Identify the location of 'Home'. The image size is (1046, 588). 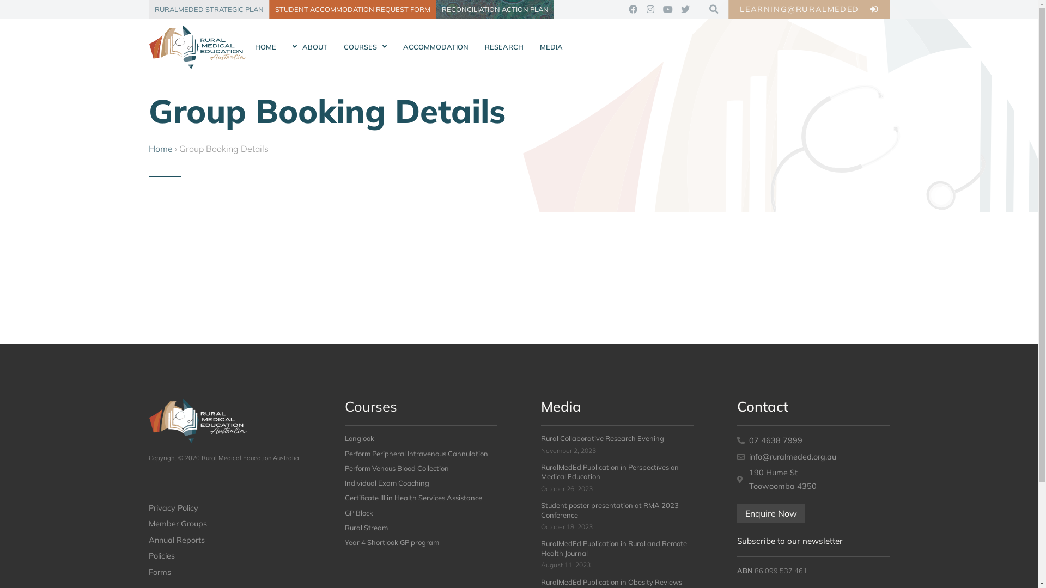
(159, 149).